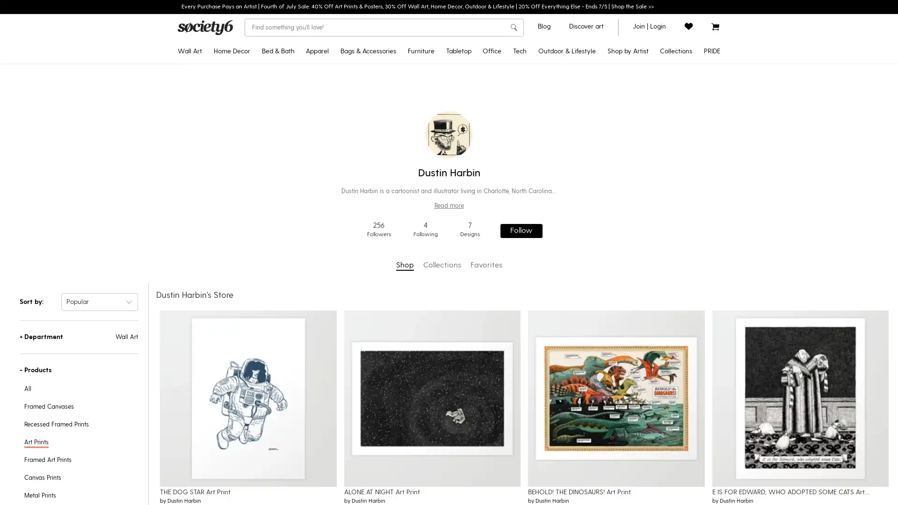 The width and height of the screenshot is (898, 505). I want to click on Artist Holiday Series, so click(602, 195).